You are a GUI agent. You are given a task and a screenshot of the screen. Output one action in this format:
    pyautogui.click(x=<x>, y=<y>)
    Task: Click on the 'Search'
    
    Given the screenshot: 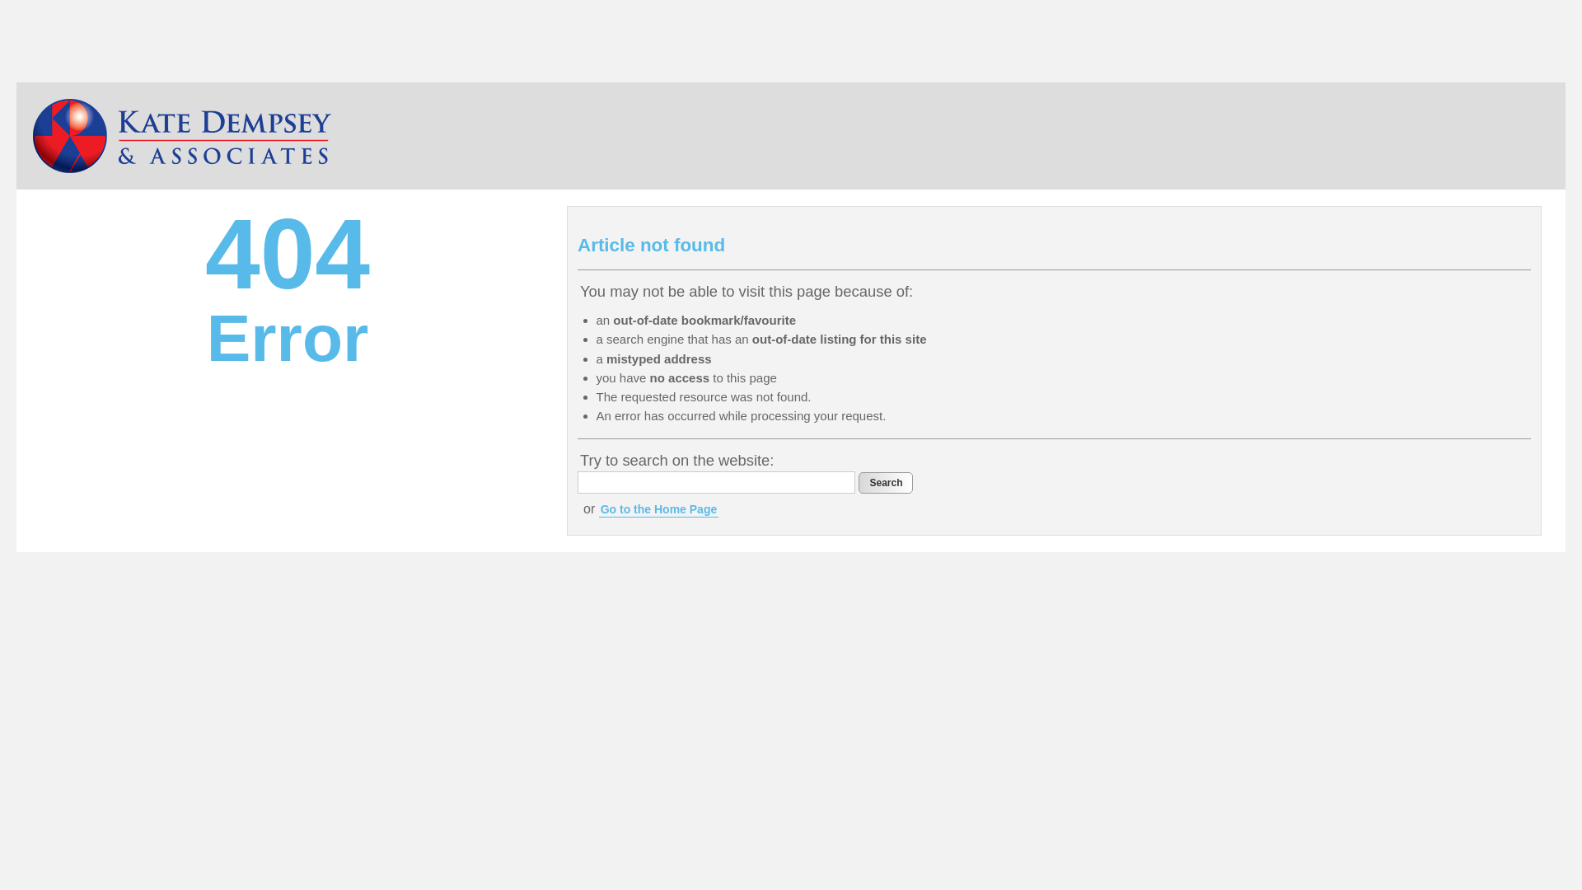 What is the action you would take?
    pyautogui.click(x=885, y=482)
    